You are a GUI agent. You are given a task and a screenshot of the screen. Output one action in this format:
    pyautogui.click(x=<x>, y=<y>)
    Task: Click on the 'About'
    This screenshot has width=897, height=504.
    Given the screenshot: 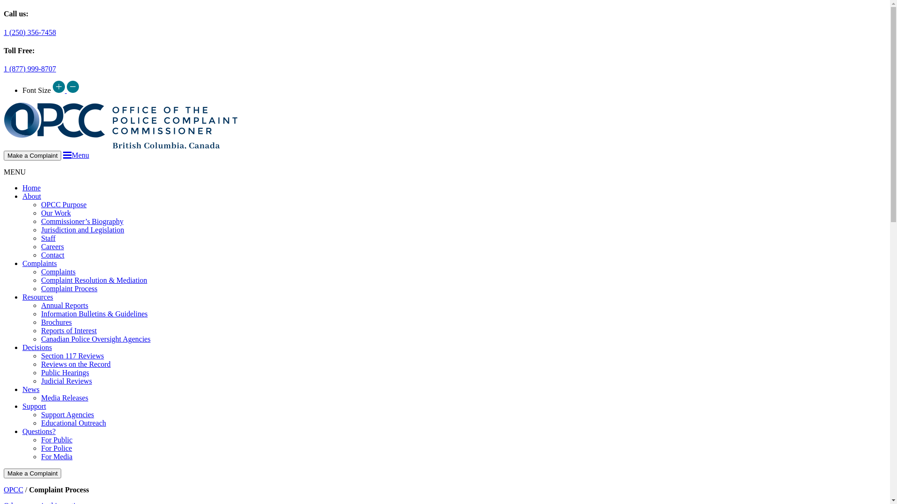 What is the action you would take?
    pyautogui.click(x=22, y=196)
    